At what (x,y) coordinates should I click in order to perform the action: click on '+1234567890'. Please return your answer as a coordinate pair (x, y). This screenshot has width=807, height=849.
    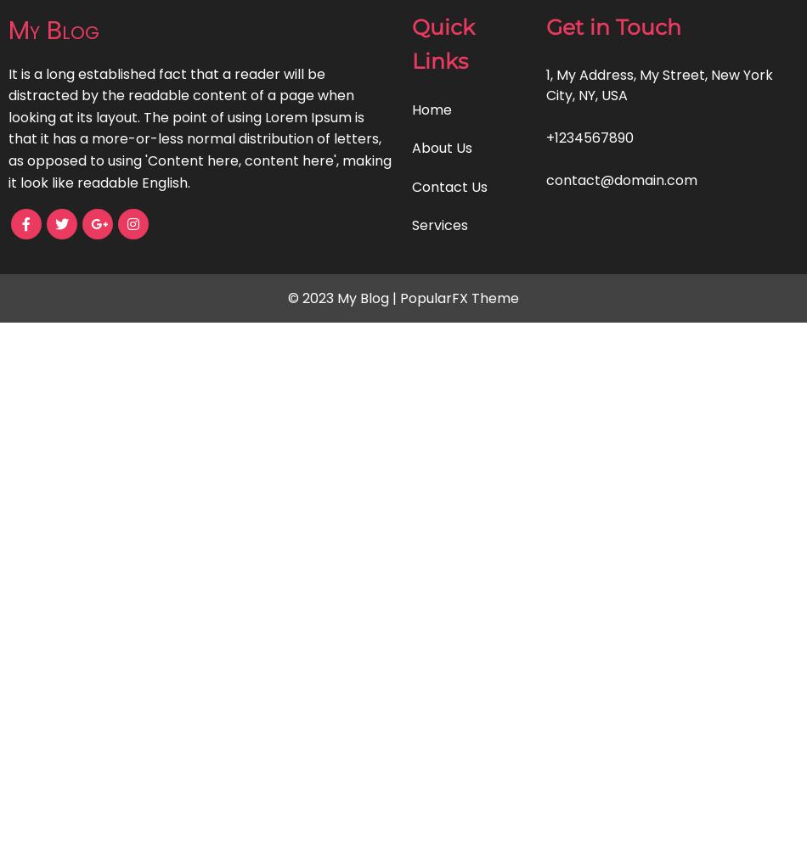
    Looking at the image, I should click on (590, 137).